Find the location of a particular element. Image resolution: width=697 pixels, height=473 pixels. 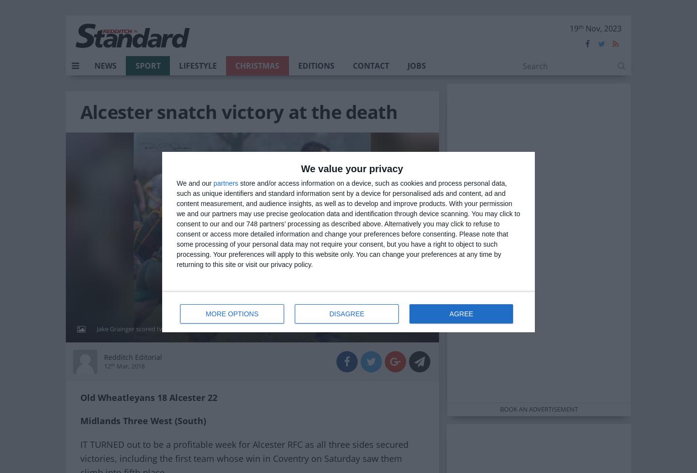

'12' is located at coordinates (107, 365).